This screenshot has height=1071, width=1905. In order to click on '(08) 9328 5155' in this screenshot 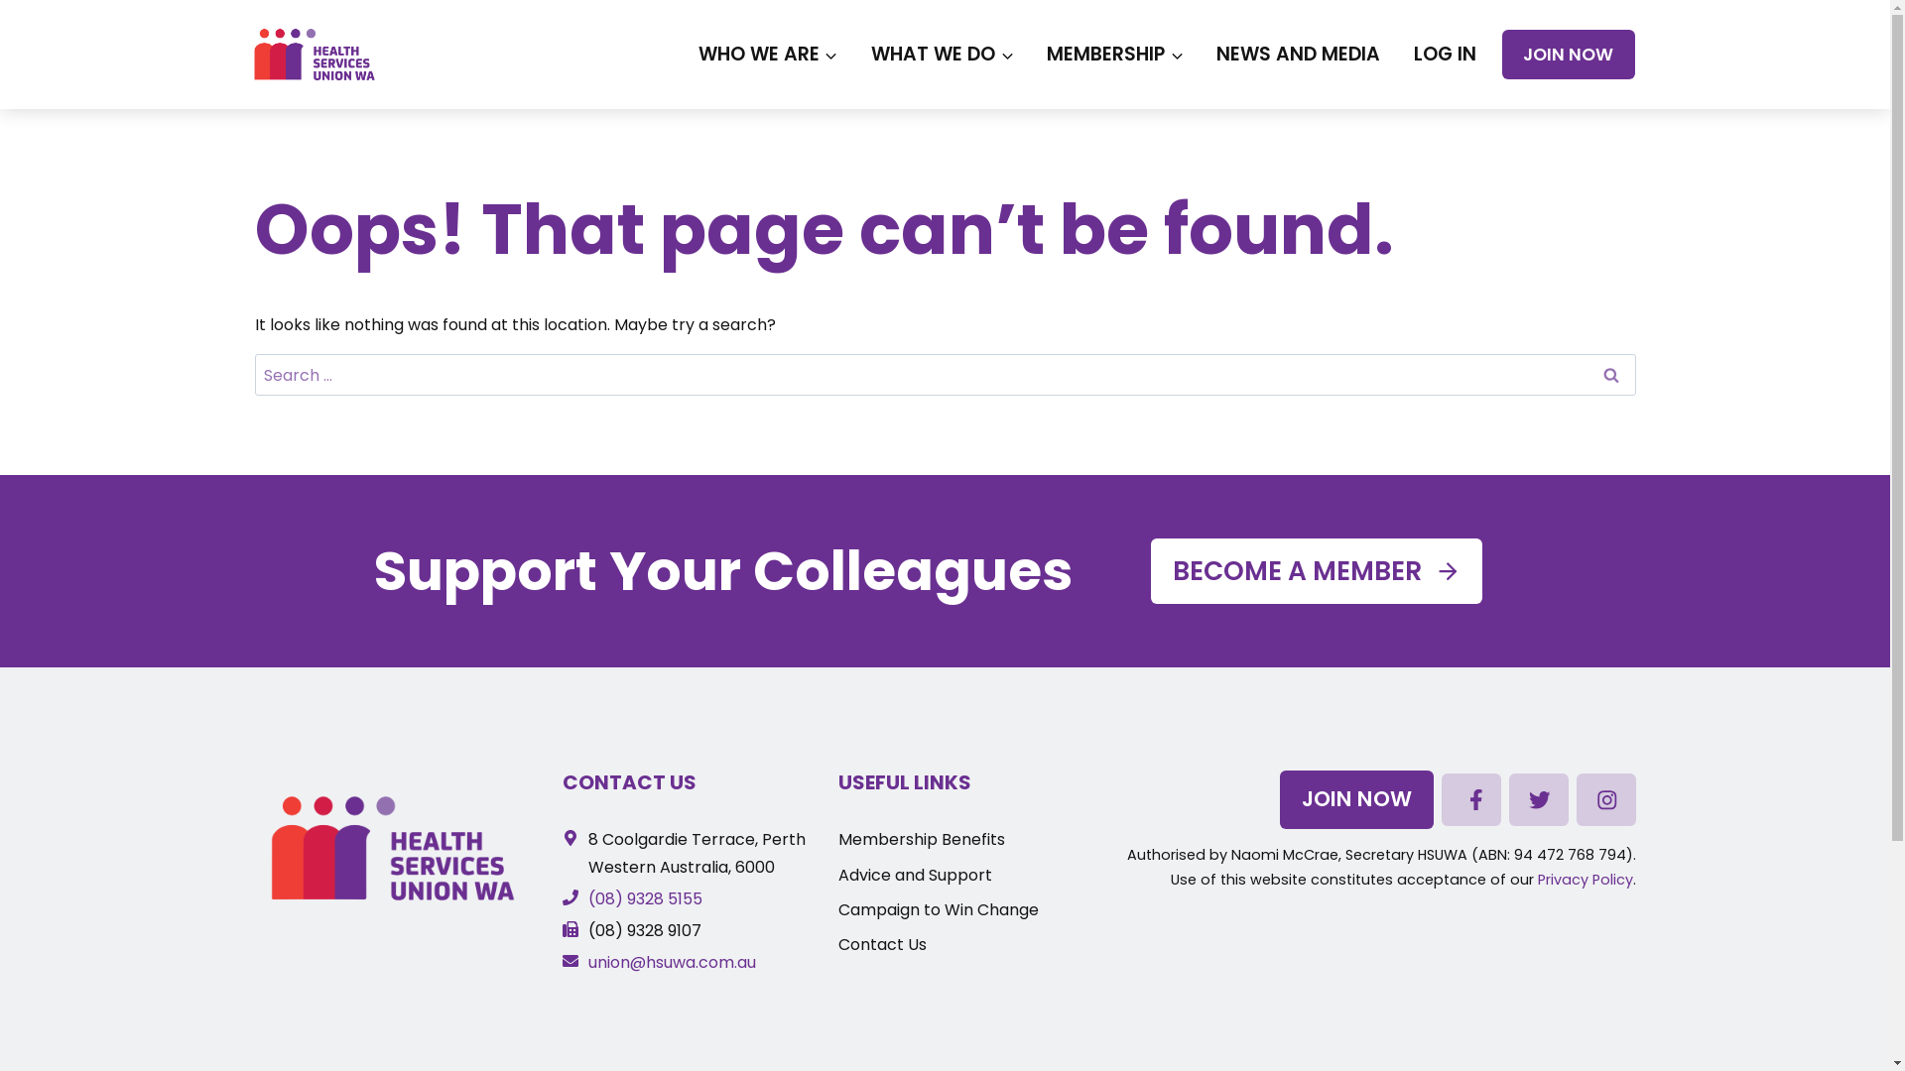, I will do `click(631, 898)`.